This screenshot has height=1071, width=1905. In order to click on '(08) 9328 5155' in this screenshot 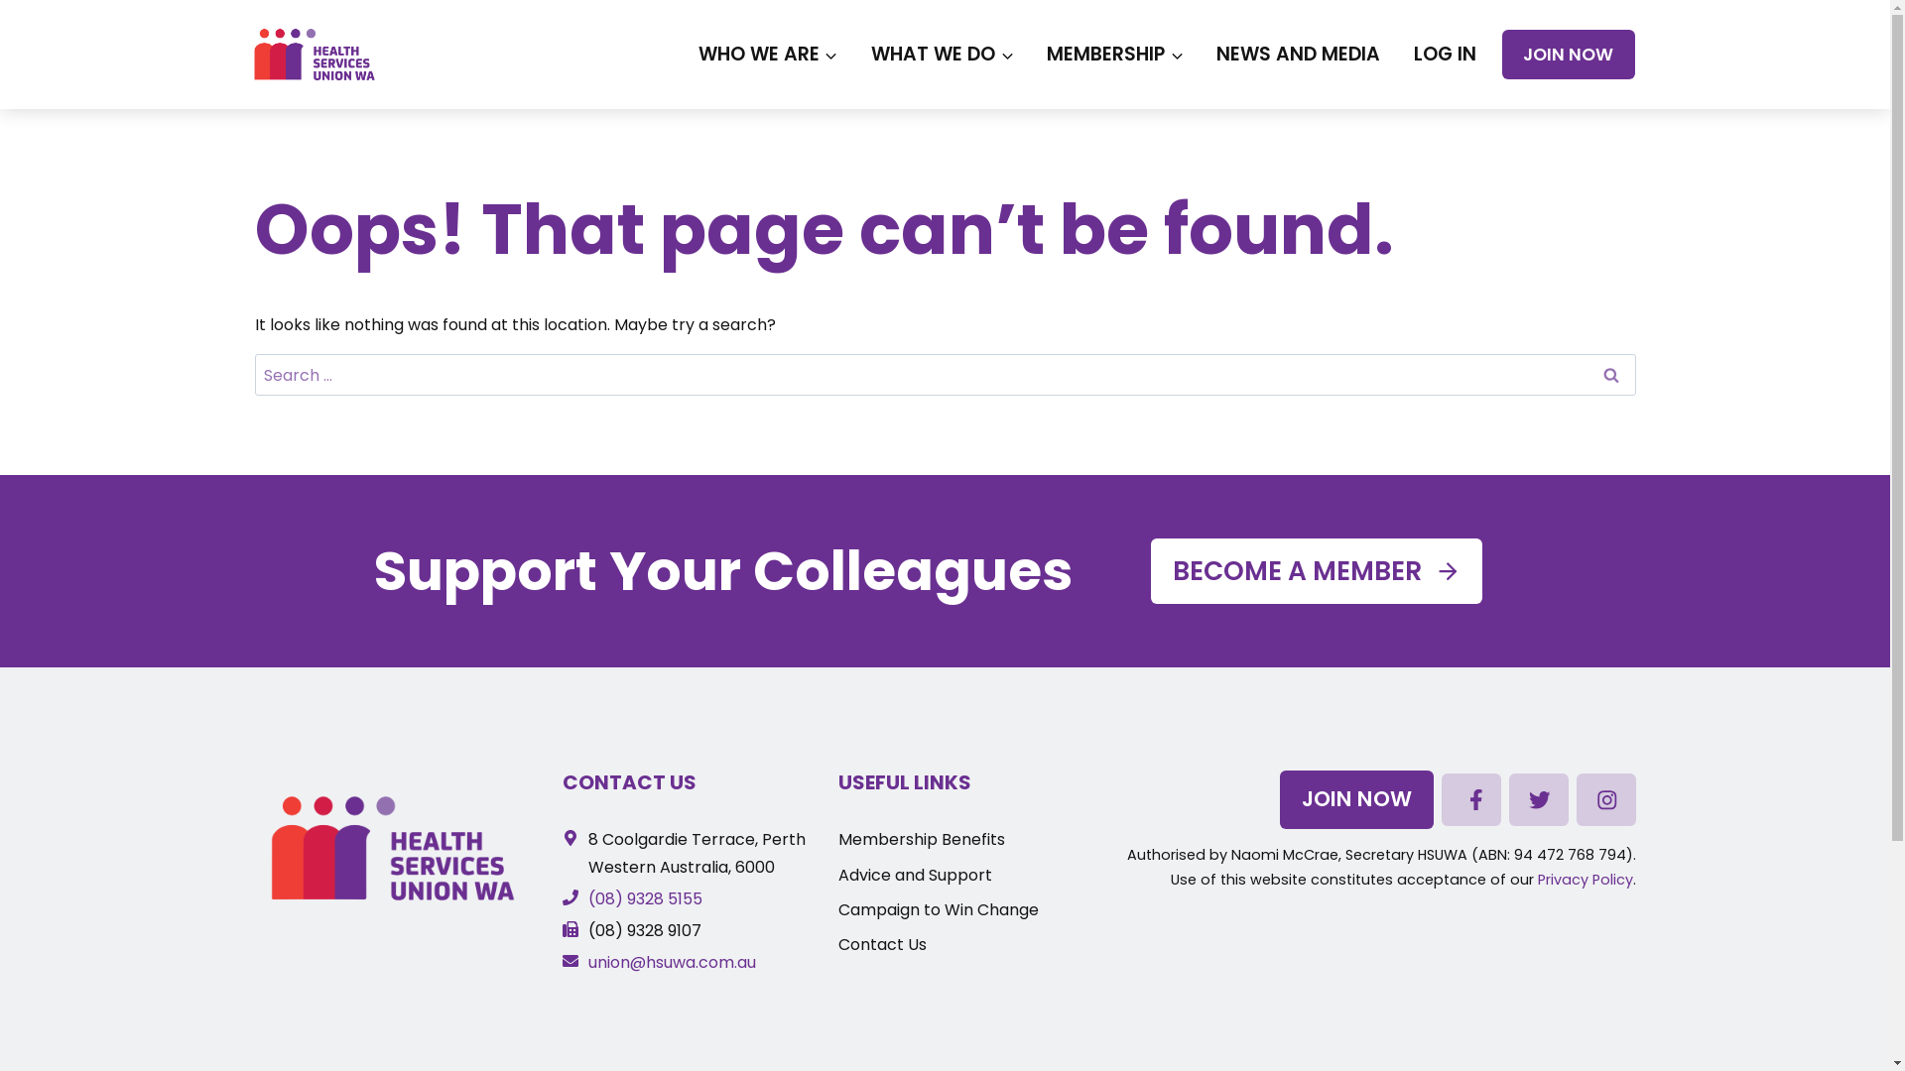, I will do `click(631, 898)`.